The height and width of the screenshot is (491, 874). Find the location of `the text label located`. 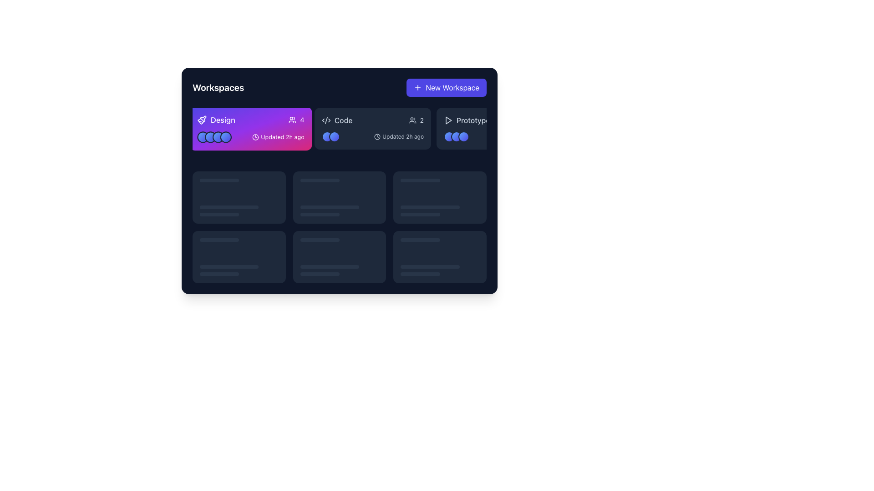

the text label located is located at coordinates (473, 120).